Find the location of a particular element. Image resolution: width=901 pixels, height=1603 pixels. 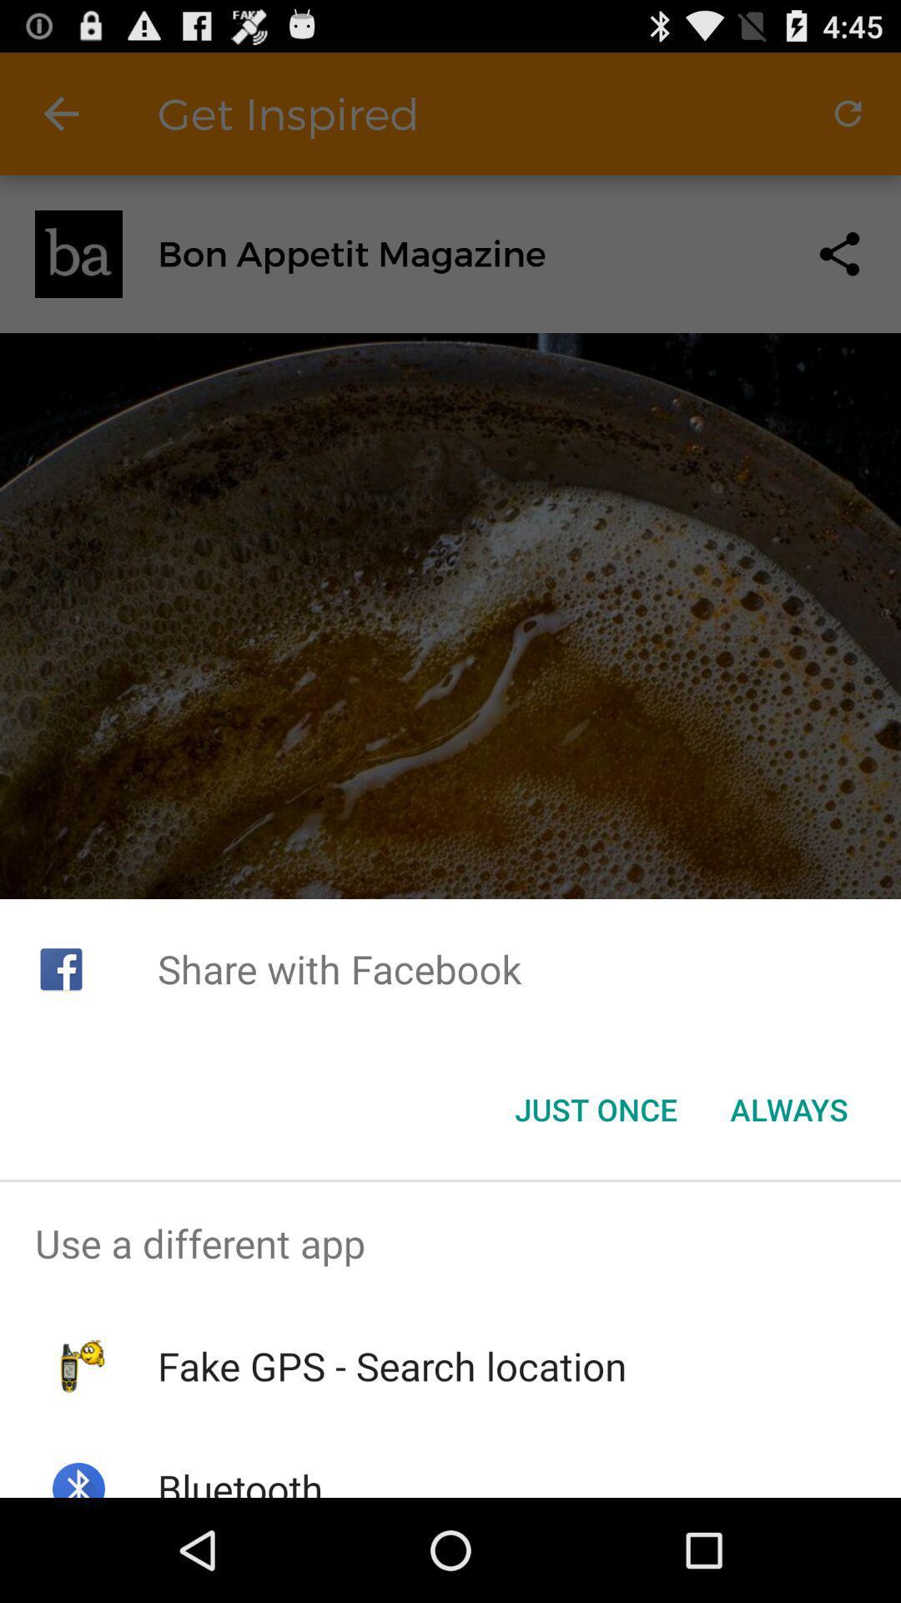

the item next to always is located at coordinates (595, 1110).